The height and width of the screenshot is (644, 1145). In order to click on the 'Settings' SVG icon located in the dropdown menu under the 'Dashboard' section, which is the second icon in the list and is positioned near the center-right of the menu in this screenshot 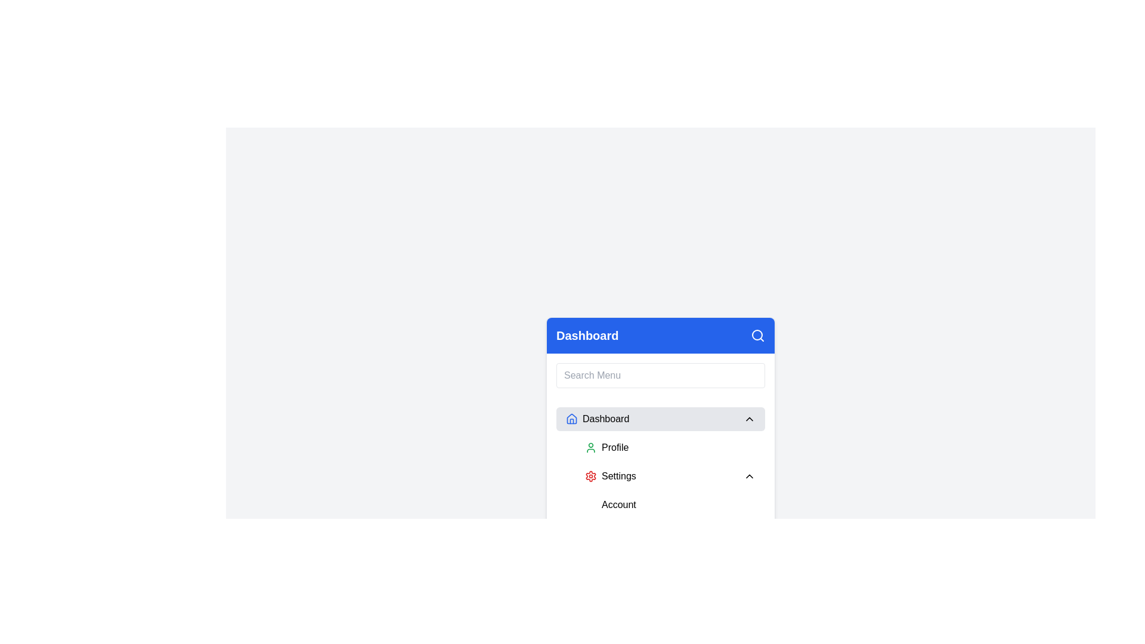, I will do `click(590, 475)`.